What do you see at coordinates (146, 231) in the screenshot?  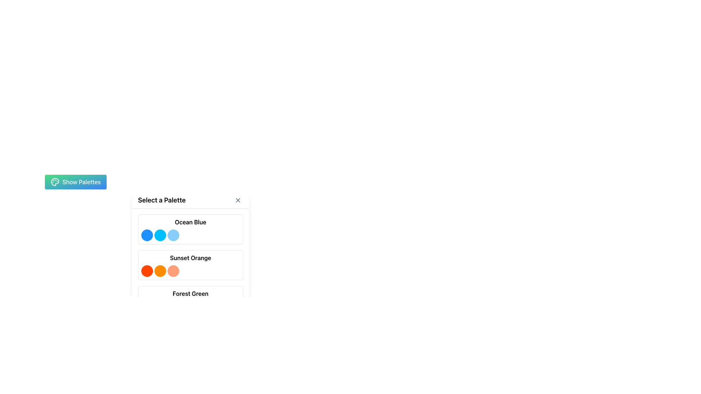 I see `one of the color palette options in the 'Select a Palette' popup menu` at bounding box center [146, 231].